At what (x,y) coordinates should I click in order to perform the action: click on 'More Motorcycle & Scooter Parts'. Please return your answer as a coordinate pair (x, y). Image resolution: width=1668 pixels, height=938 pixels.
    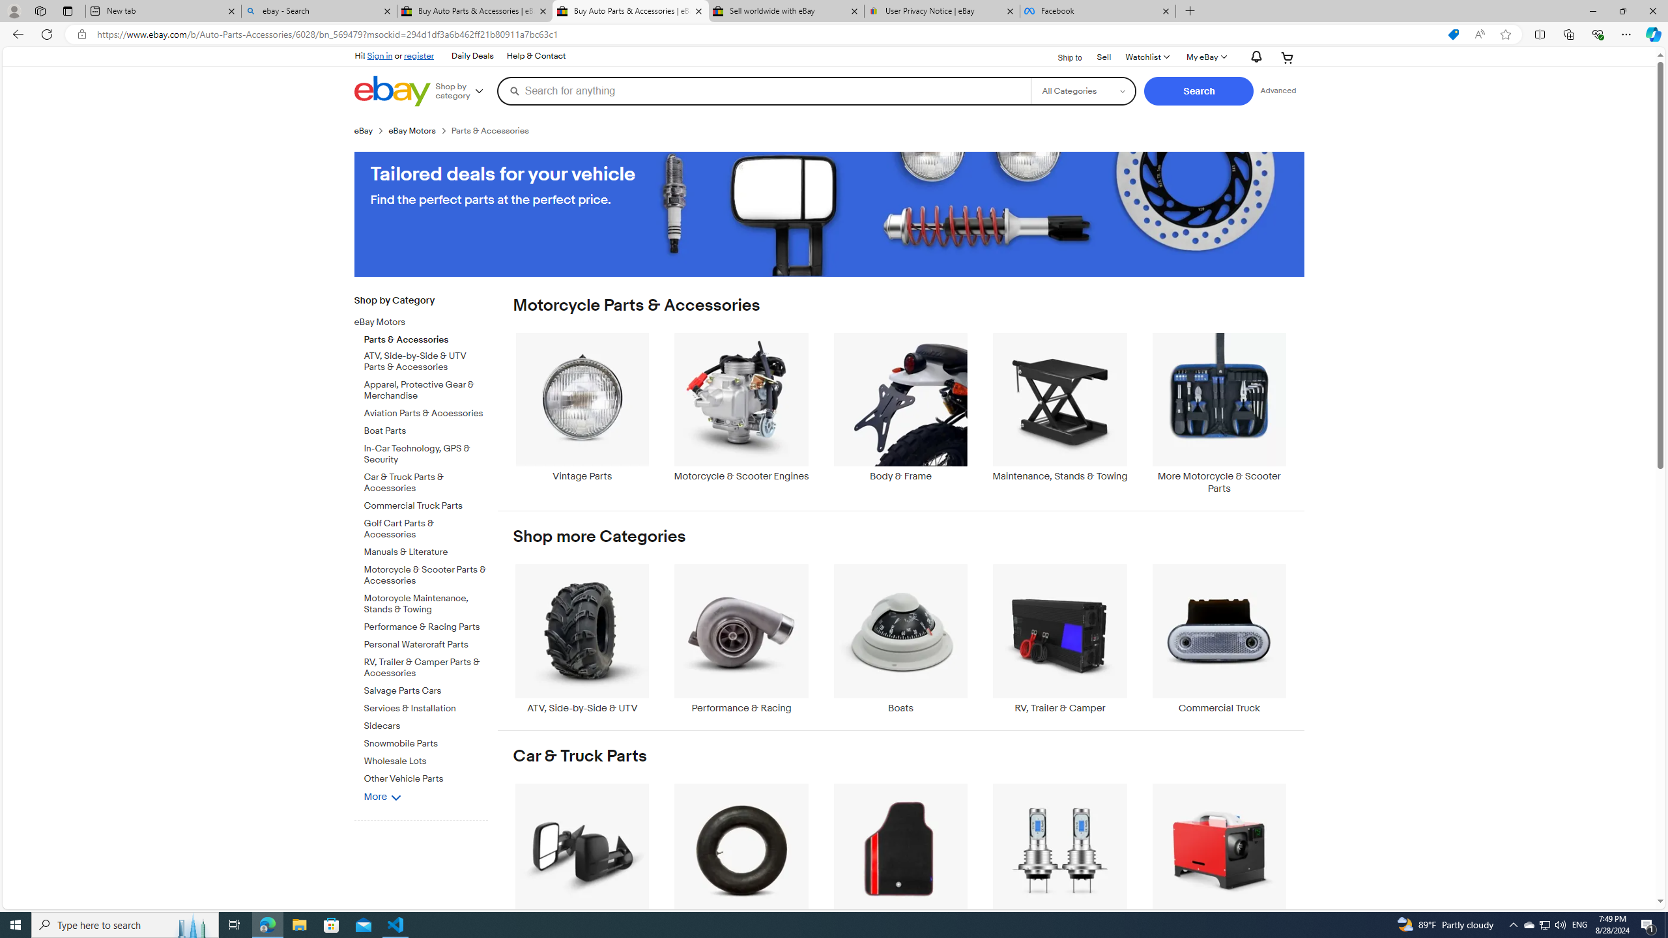
    Looking at the image, I should click on (1219, 414).